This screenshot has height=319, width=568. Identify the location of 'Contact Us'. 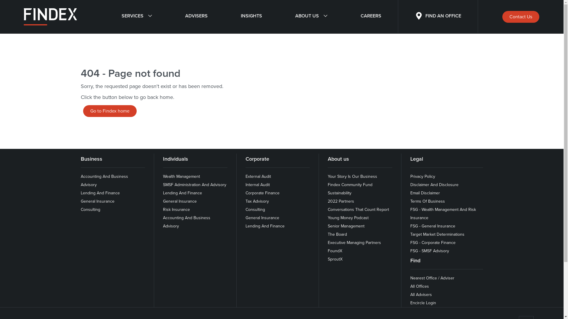
(521, 17).